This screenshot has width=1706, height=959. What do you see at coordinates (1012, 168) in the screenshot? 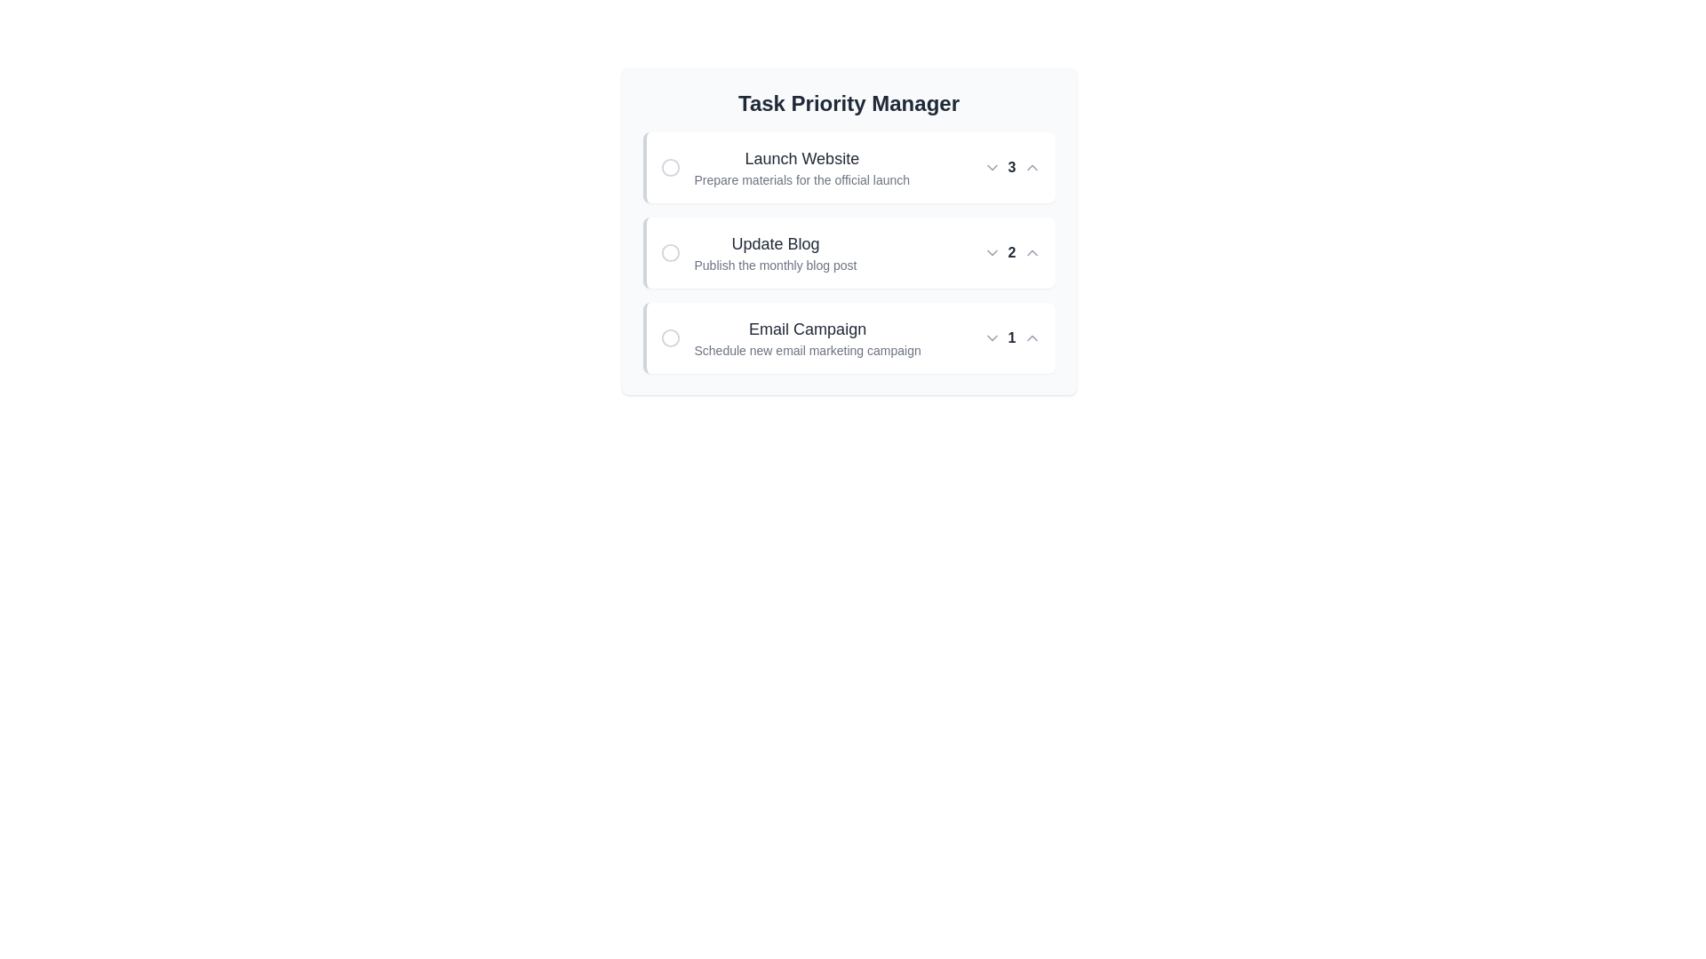
I see `the static text display indicating the task's priority level, which shows the value '3' and is located in the 'Launch Website' task row` at bounding box center [1012, 168].